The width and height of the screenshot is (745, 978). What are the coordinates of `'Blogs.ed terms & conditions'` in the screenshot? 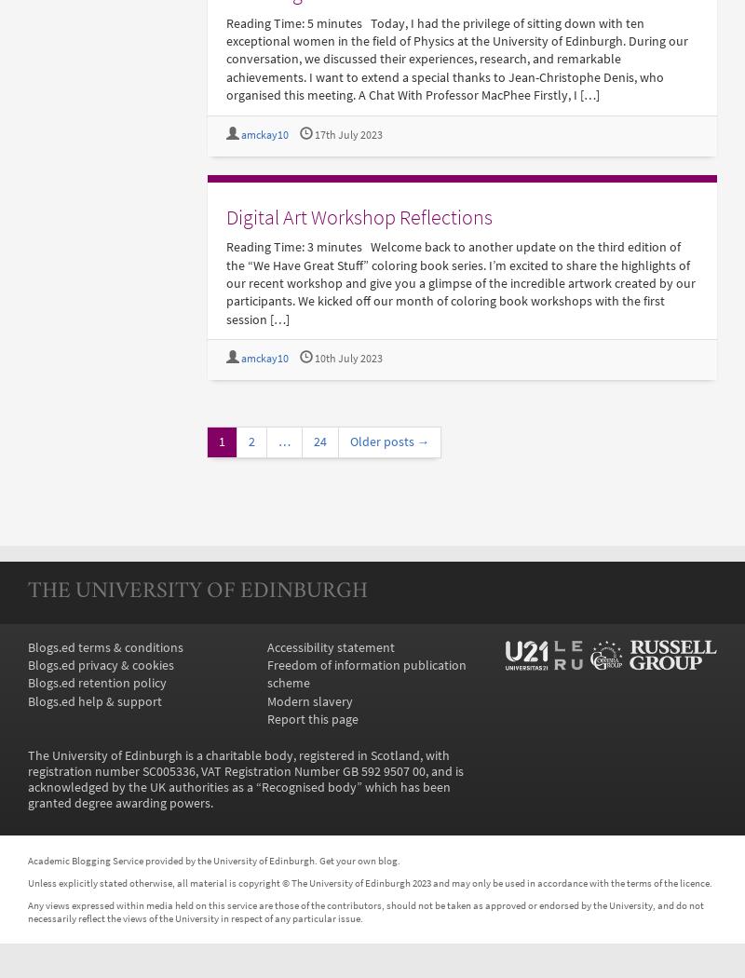 It's located at (104, 646).